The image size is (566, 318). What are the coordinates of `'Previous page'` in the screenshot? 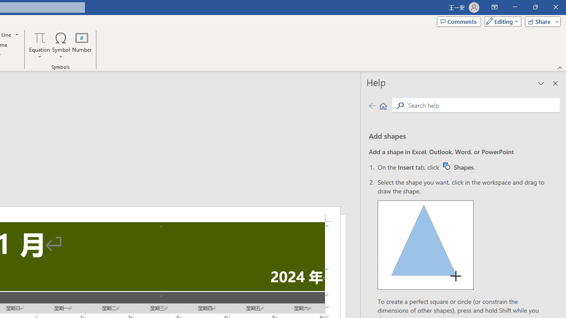 It's located at (372, 105).